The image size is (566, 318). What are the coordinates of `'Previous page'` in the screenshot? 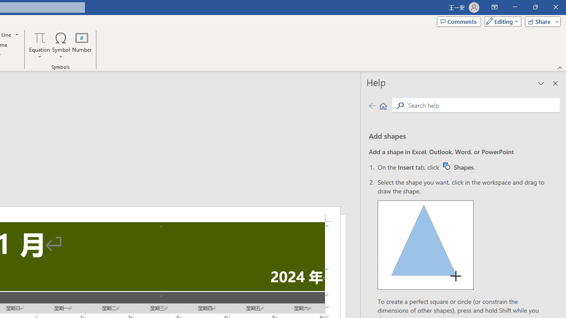 It's located at (372, 105).